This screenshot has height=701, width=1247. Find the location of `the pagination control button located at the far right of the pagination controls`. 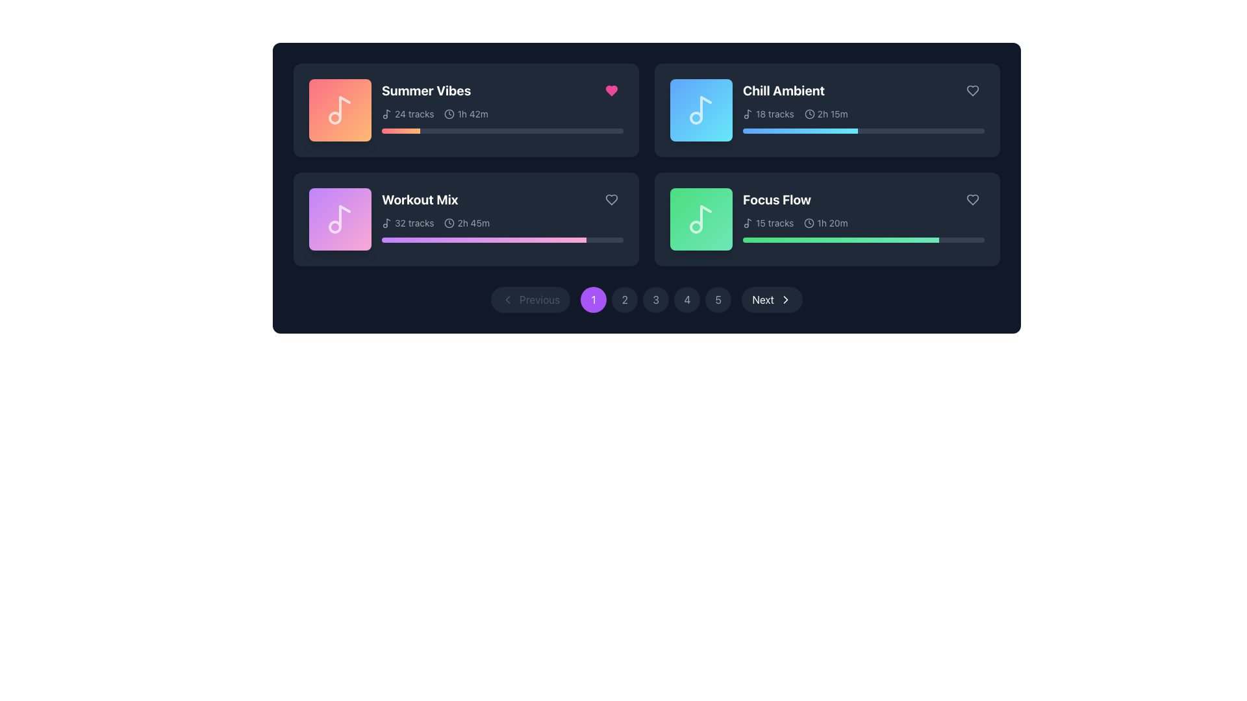

the pagination control button located at the far right of the pagination controls is located at coordinates (772, 300).